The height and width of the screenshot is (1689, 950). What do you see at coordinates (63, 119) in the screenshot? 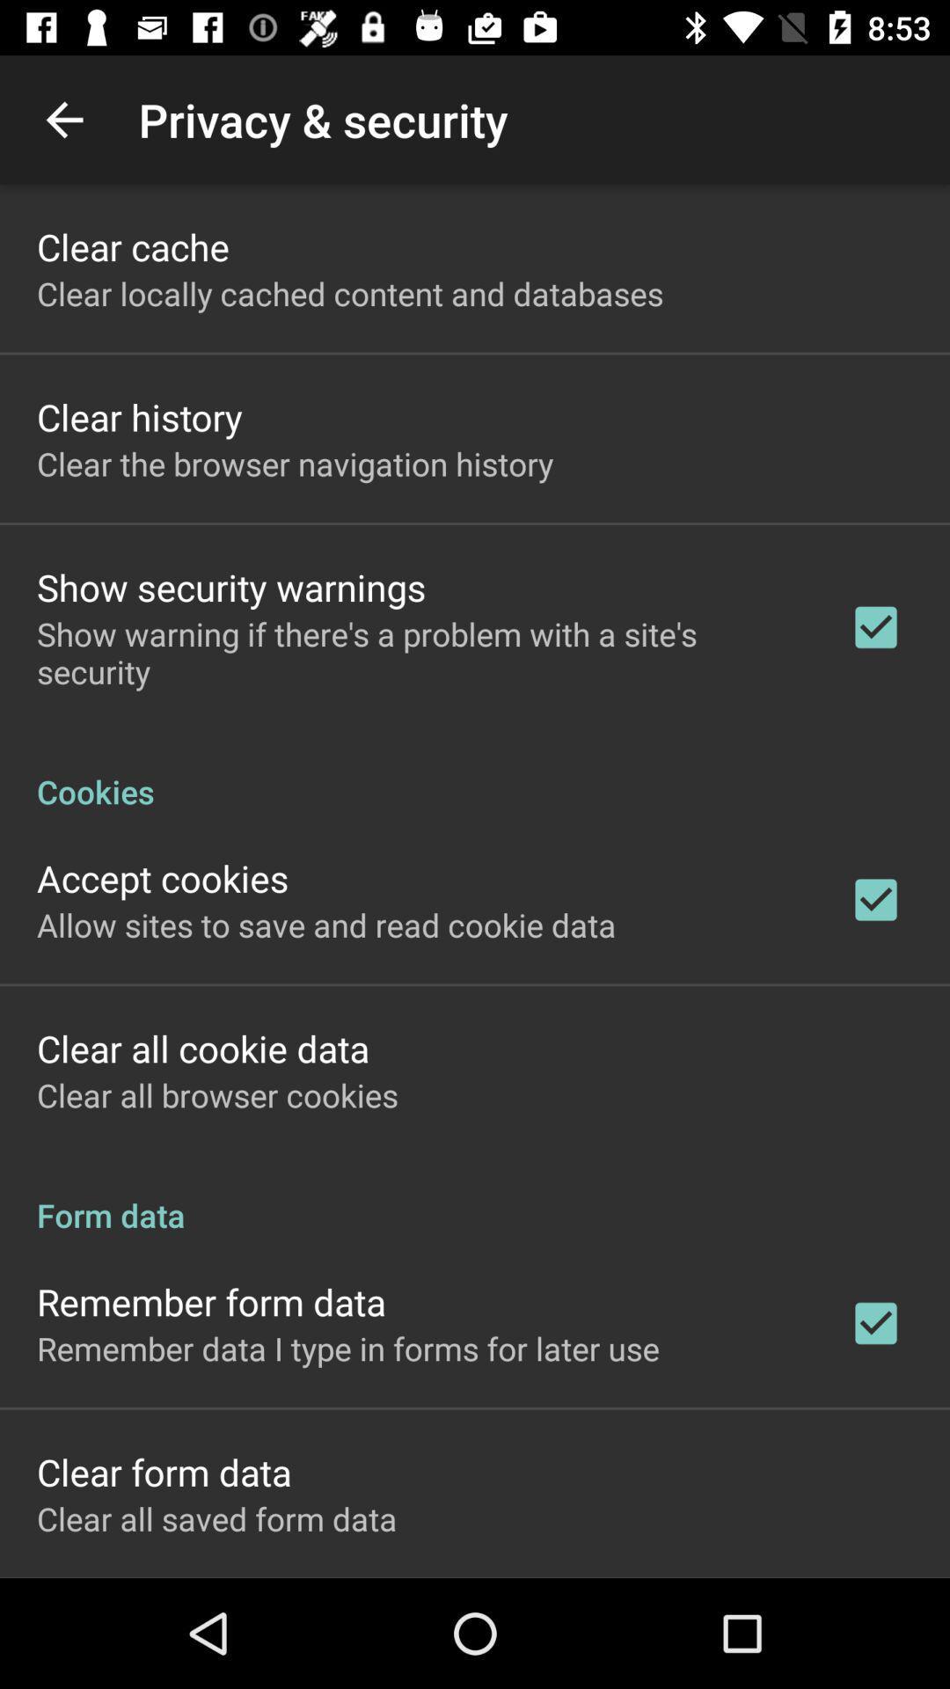
I see `the icon next to privacy & security app` at bounding box center [63, 119].